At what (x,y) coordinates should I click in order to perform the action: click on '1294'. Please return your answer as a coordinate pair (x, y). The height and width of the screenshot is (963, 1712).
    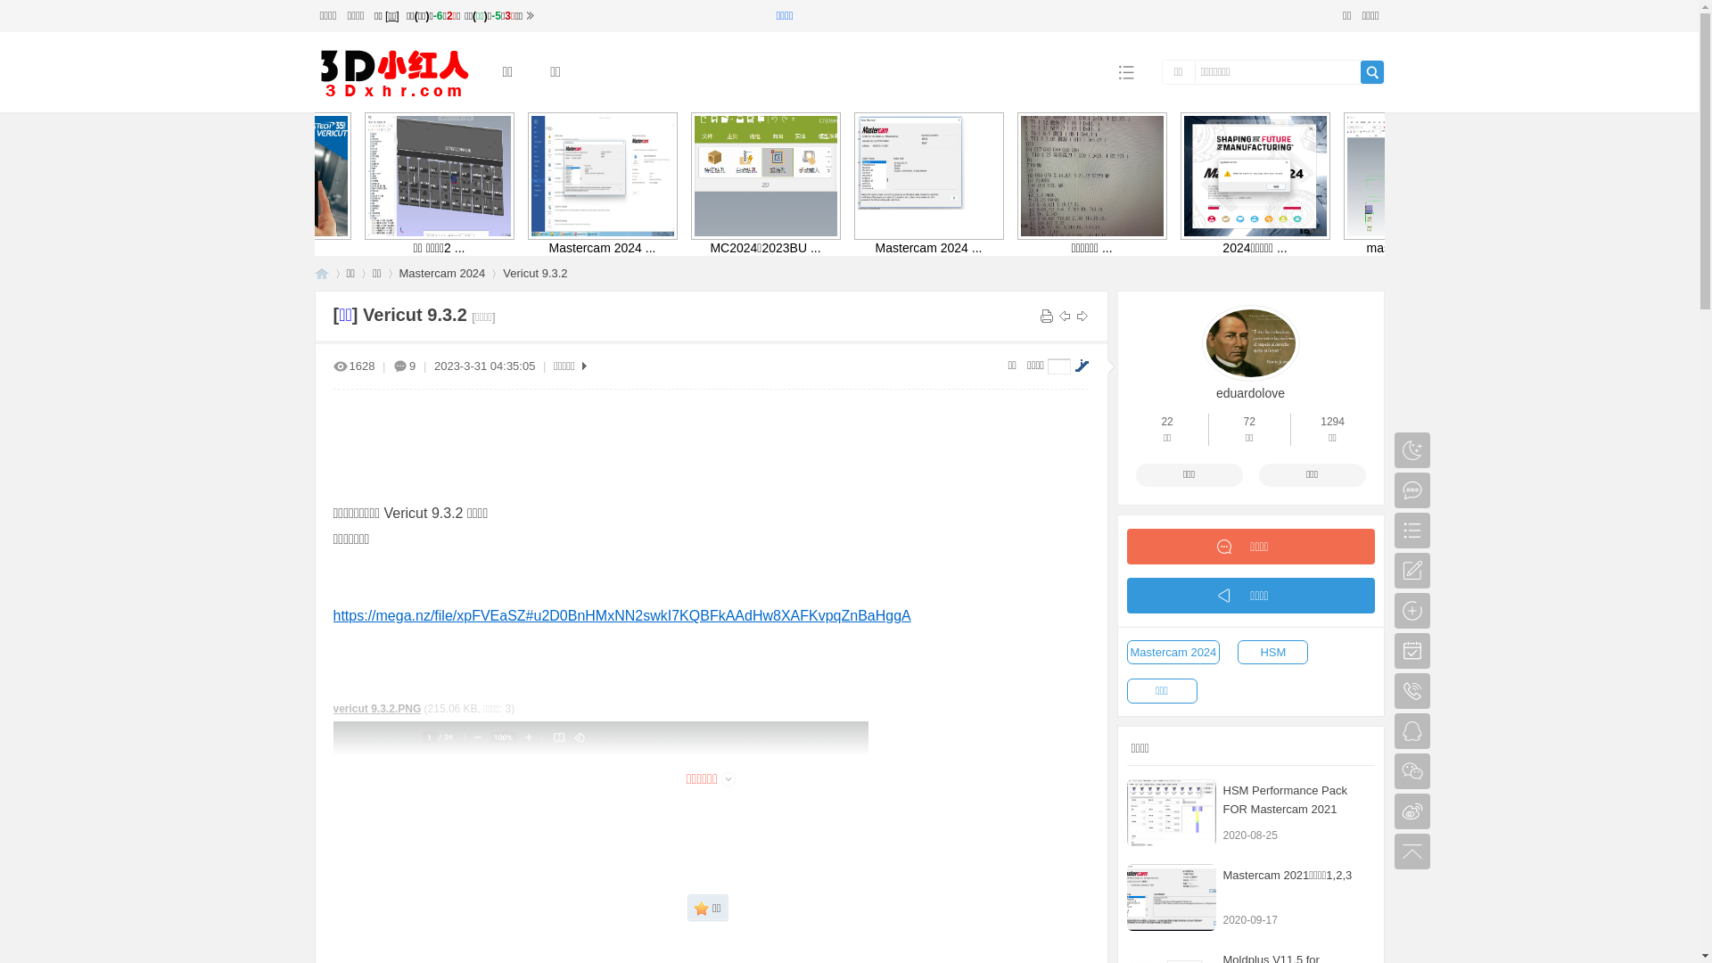
    Looking at the image, I should click on (1332, 422).